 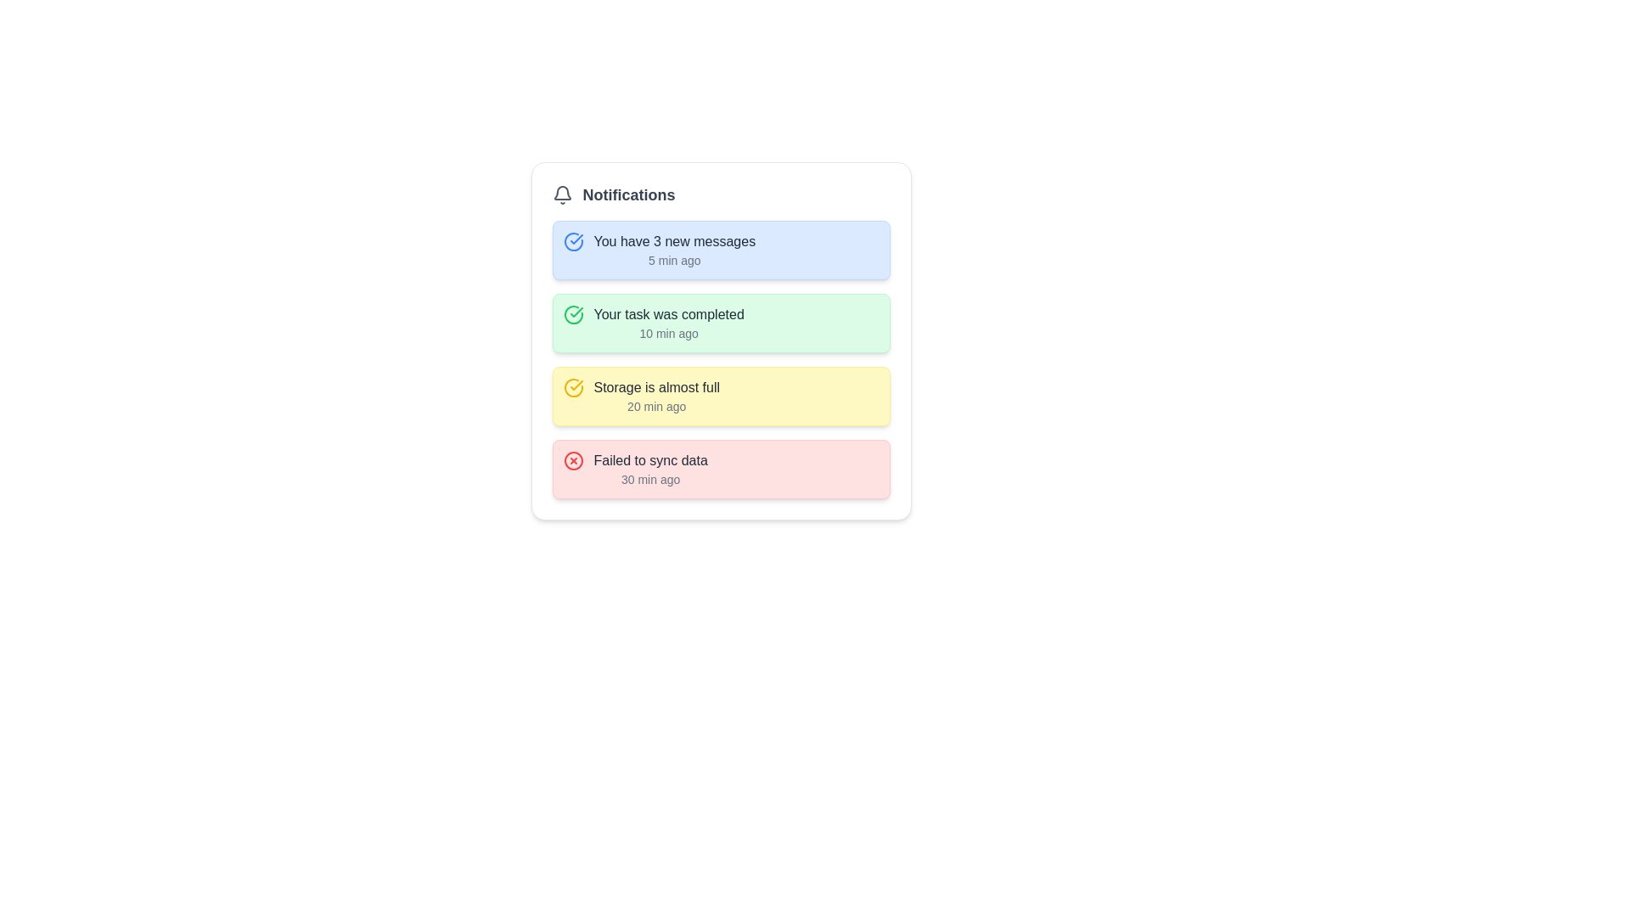 What do you see at coordinates (668, 334) in the screenshot?
I see `the text element that shows the time span since the activity or notification occurred, located within the green notification card, just below 'Your task was completed' in the second notification card` at bounding box center [668, 334].